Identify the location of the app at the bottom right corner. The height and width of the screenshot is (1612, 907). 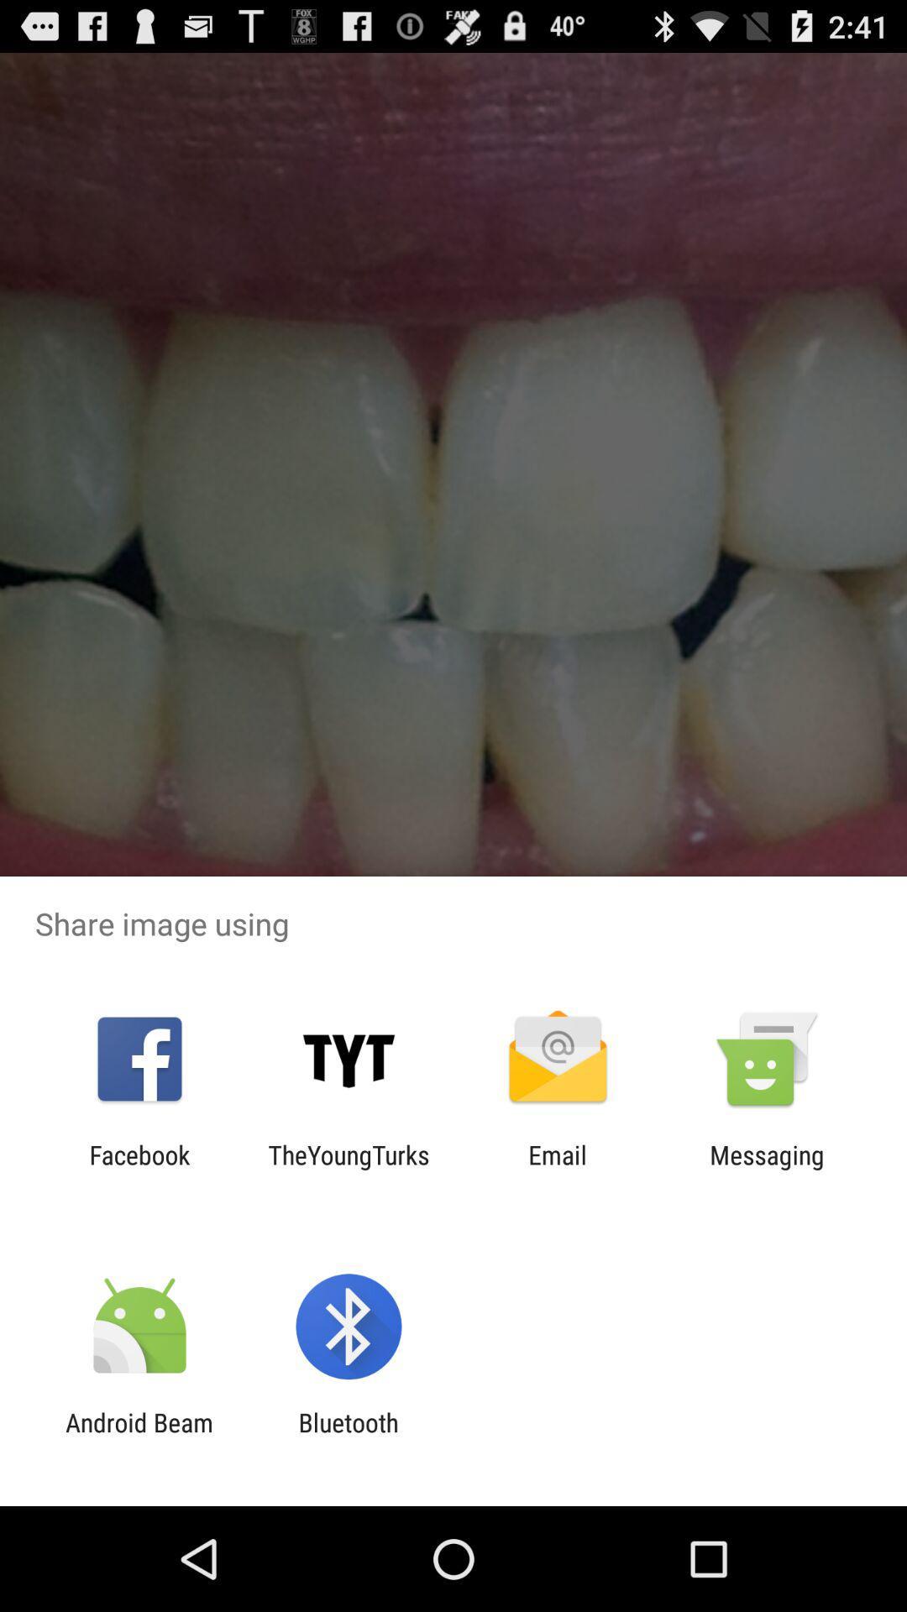
(767, 1169).